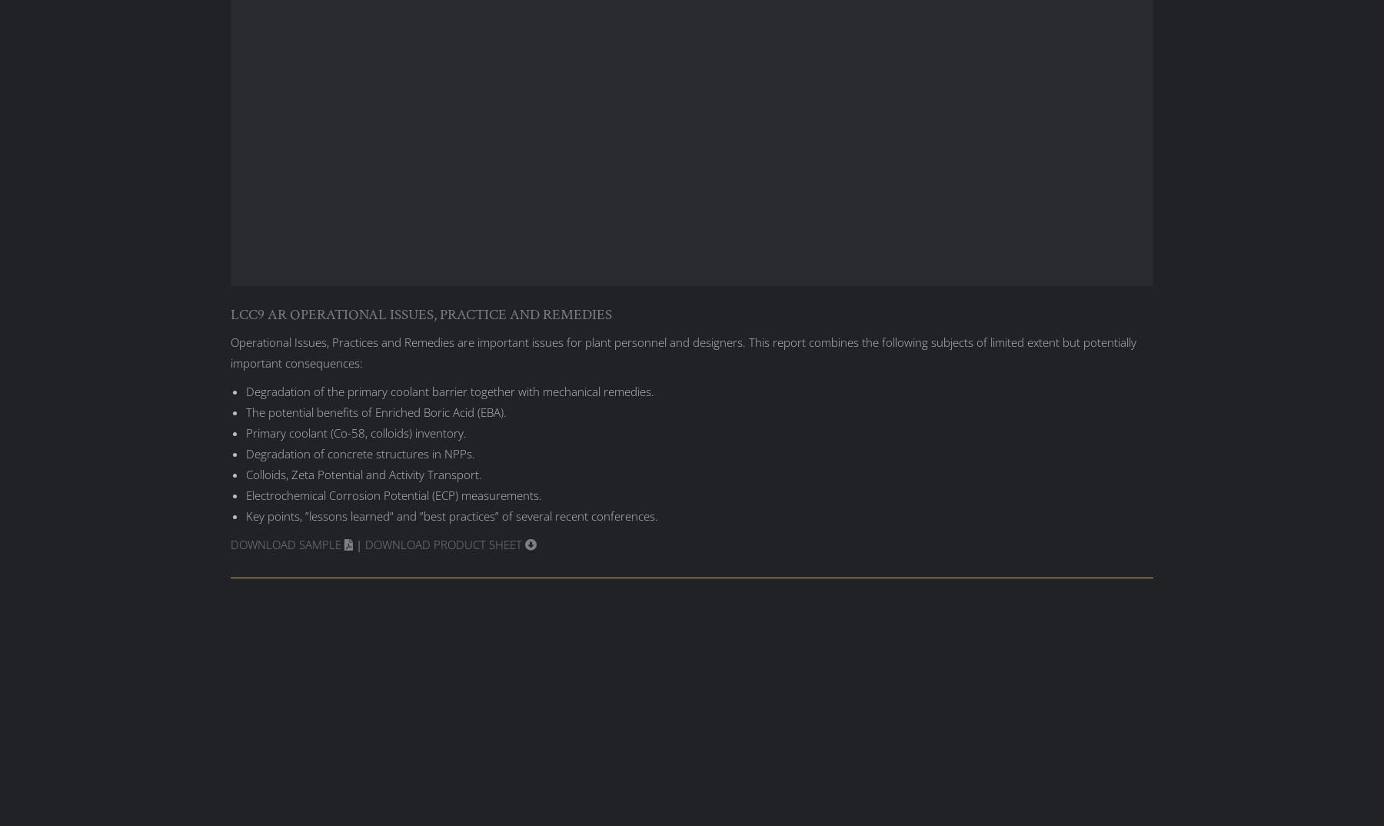  Describe the element at coordinates (360, 451) in the screenshot. I see `'Degradation of concrete structures in NPPs.'` at that location.